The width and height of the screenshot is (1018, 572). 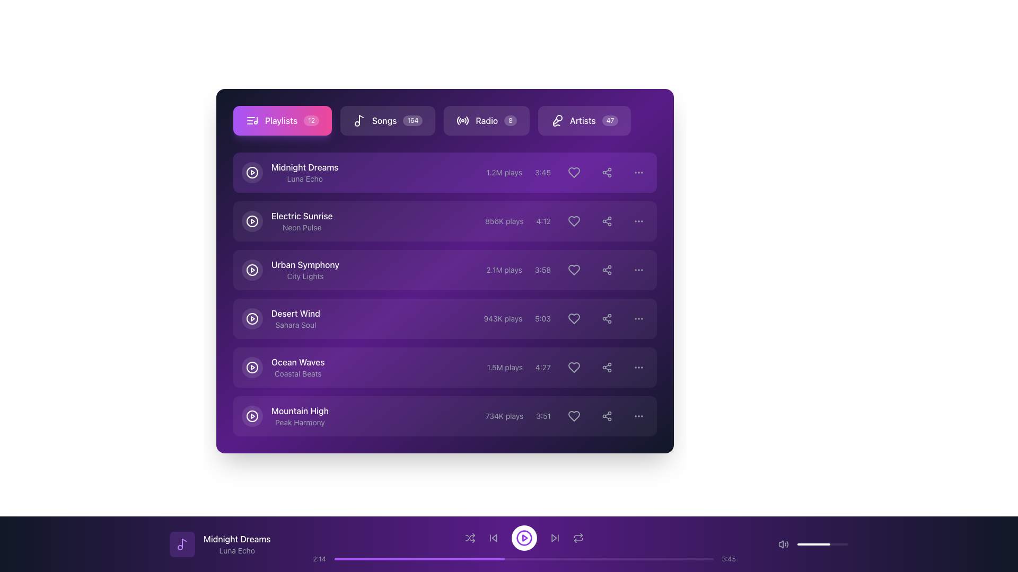 I want to click on the text label that provides supplementary information for 'Ocean Waves', located below the 'Ocean Waves' text in the fifth item of a vertically arranged list, so click(x=297, y=373).